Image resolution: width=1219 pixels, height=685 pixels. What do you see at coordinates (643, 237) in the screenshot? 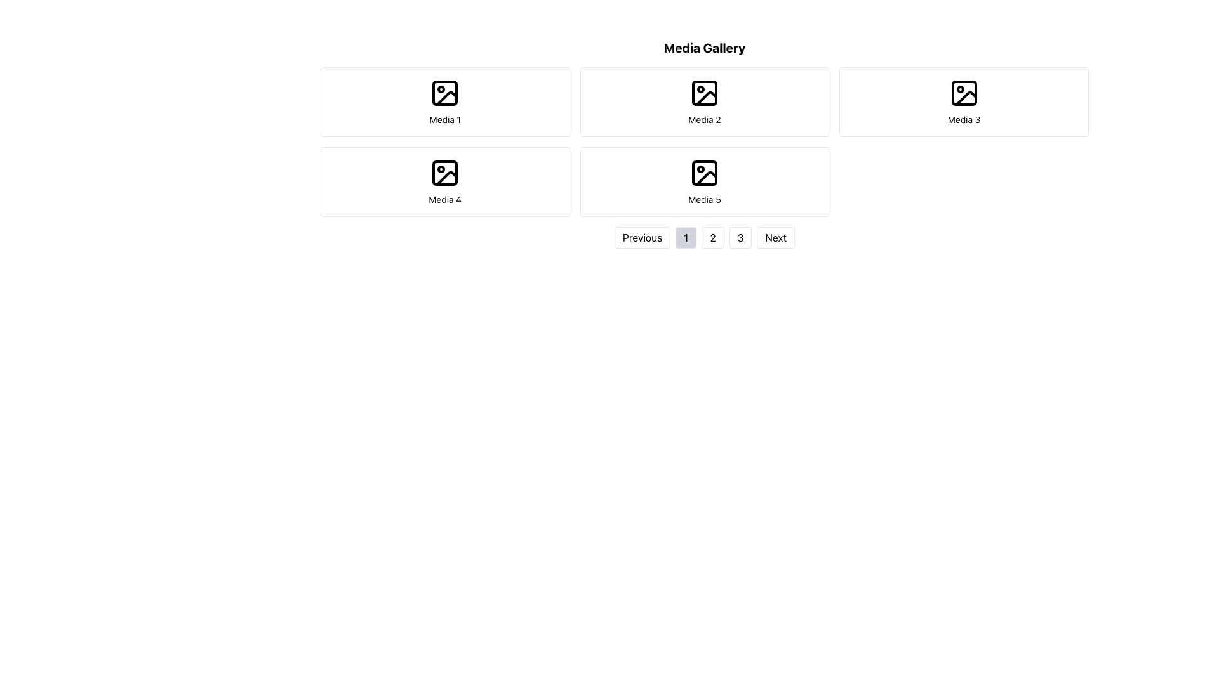
I see `the 'Previous' button, which is a rectangular button with rounded corners, displaying the text 'Previous' in black on a white background, located at the bottom center of the interface` at bounding box center [643, 237].